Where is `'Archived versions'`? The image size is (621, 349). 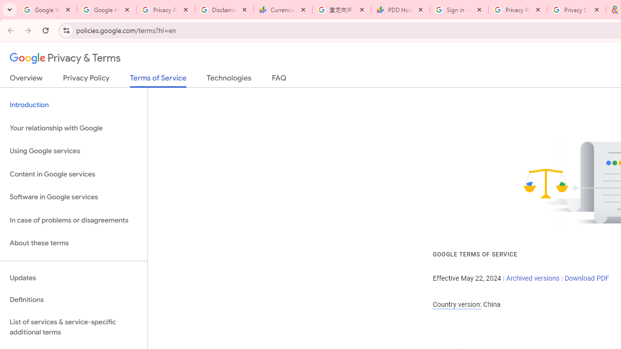 'Archived versions' is located at coordinates (532, 278).